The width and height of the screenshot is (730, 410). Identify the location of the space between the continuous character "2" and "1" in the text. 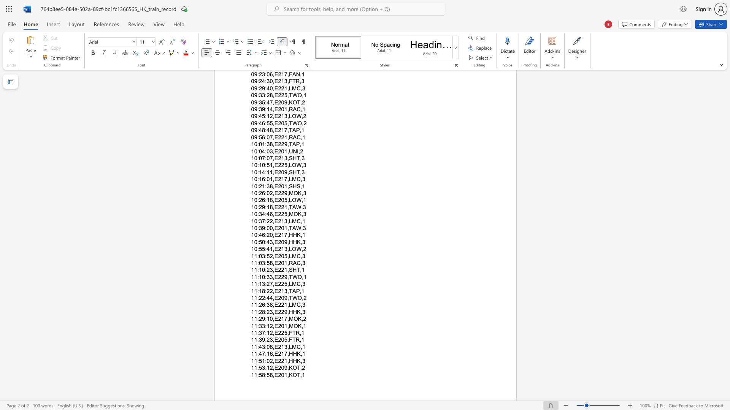
(281, 354).